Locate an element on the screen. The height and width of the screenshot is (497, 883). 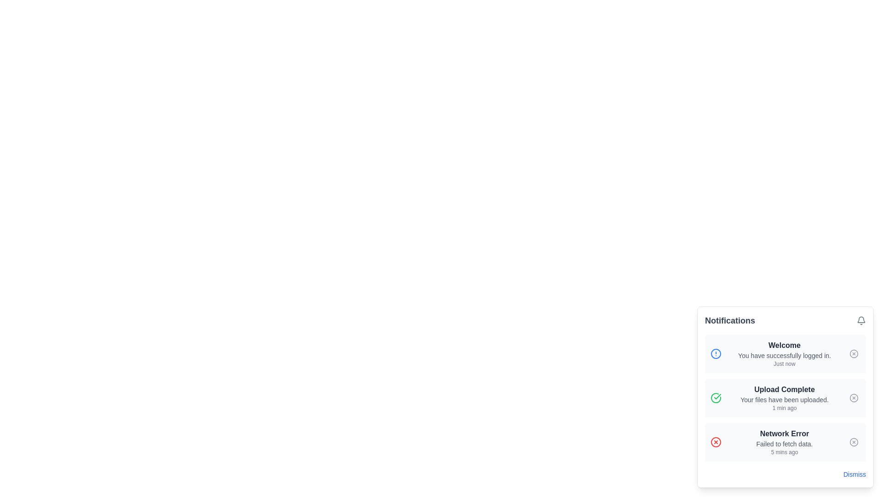
bolded text that reads 'Notifications' located at the top-left corner of the notification panel is located at coordinates (729, 320).